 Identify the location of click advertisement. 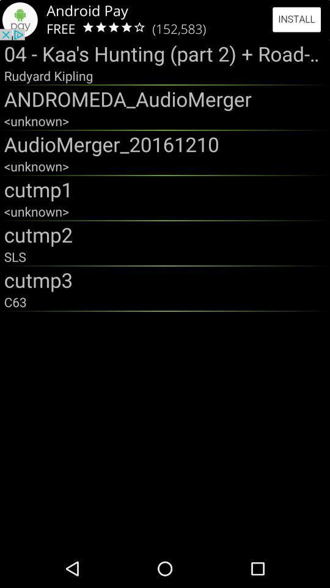
(165, 19).